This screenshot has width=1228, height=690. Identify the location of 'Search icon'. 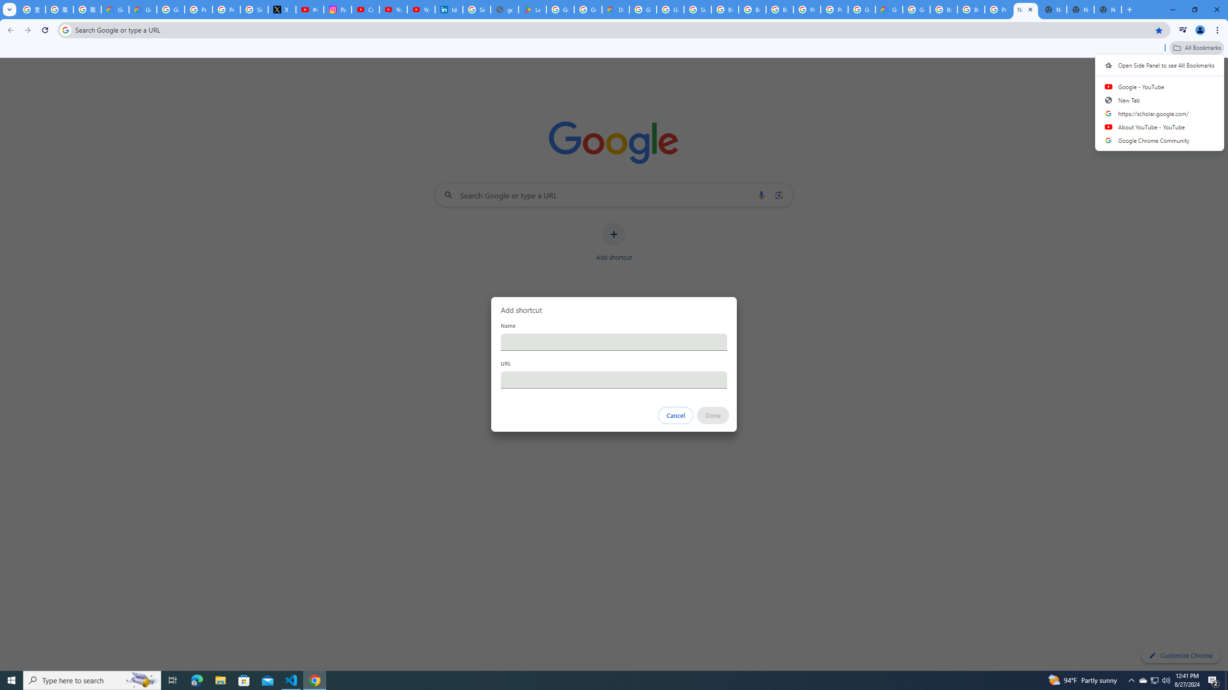
(65, 29).